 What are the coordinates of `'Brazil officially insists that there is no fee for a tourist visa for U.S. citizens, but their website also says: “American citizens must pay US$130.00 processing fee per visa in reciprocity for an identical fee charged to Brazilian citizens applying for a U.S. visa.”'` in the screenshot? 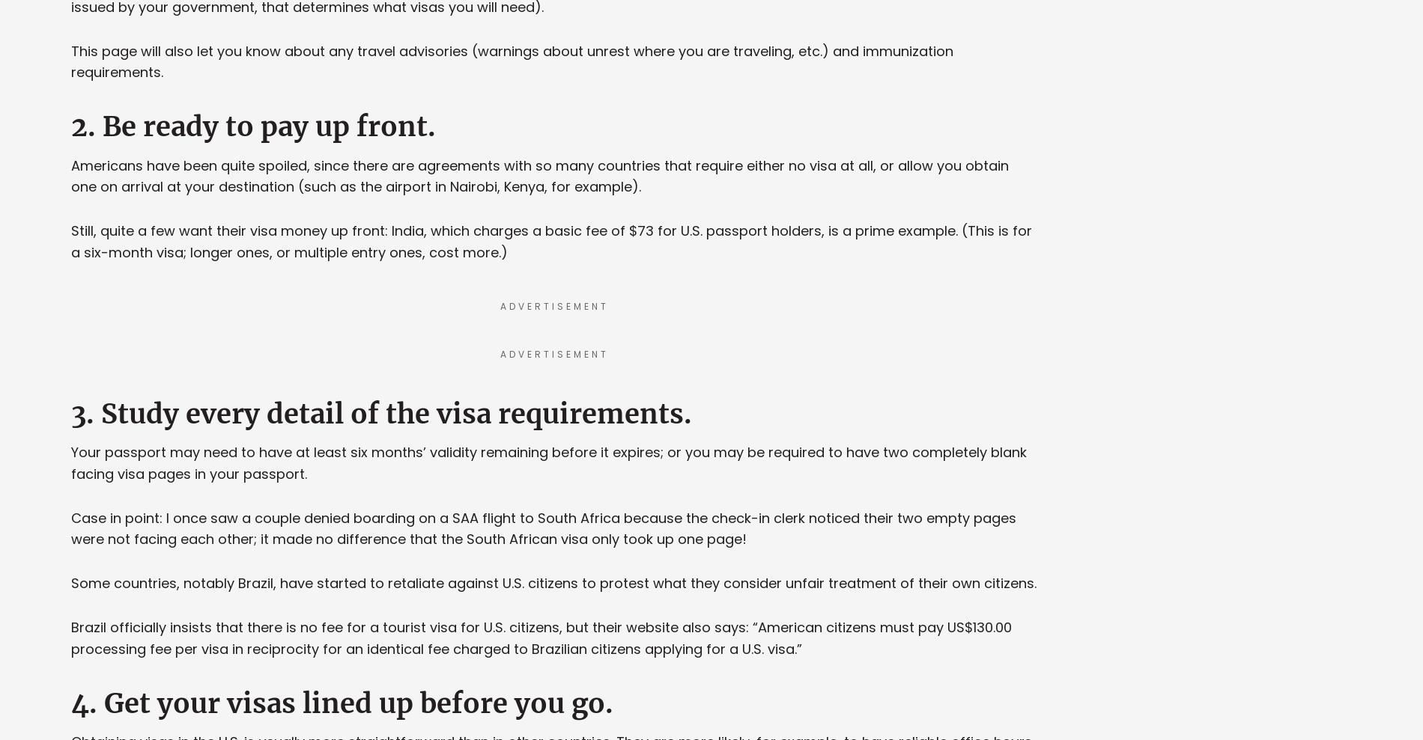 It's located at (540, 637).